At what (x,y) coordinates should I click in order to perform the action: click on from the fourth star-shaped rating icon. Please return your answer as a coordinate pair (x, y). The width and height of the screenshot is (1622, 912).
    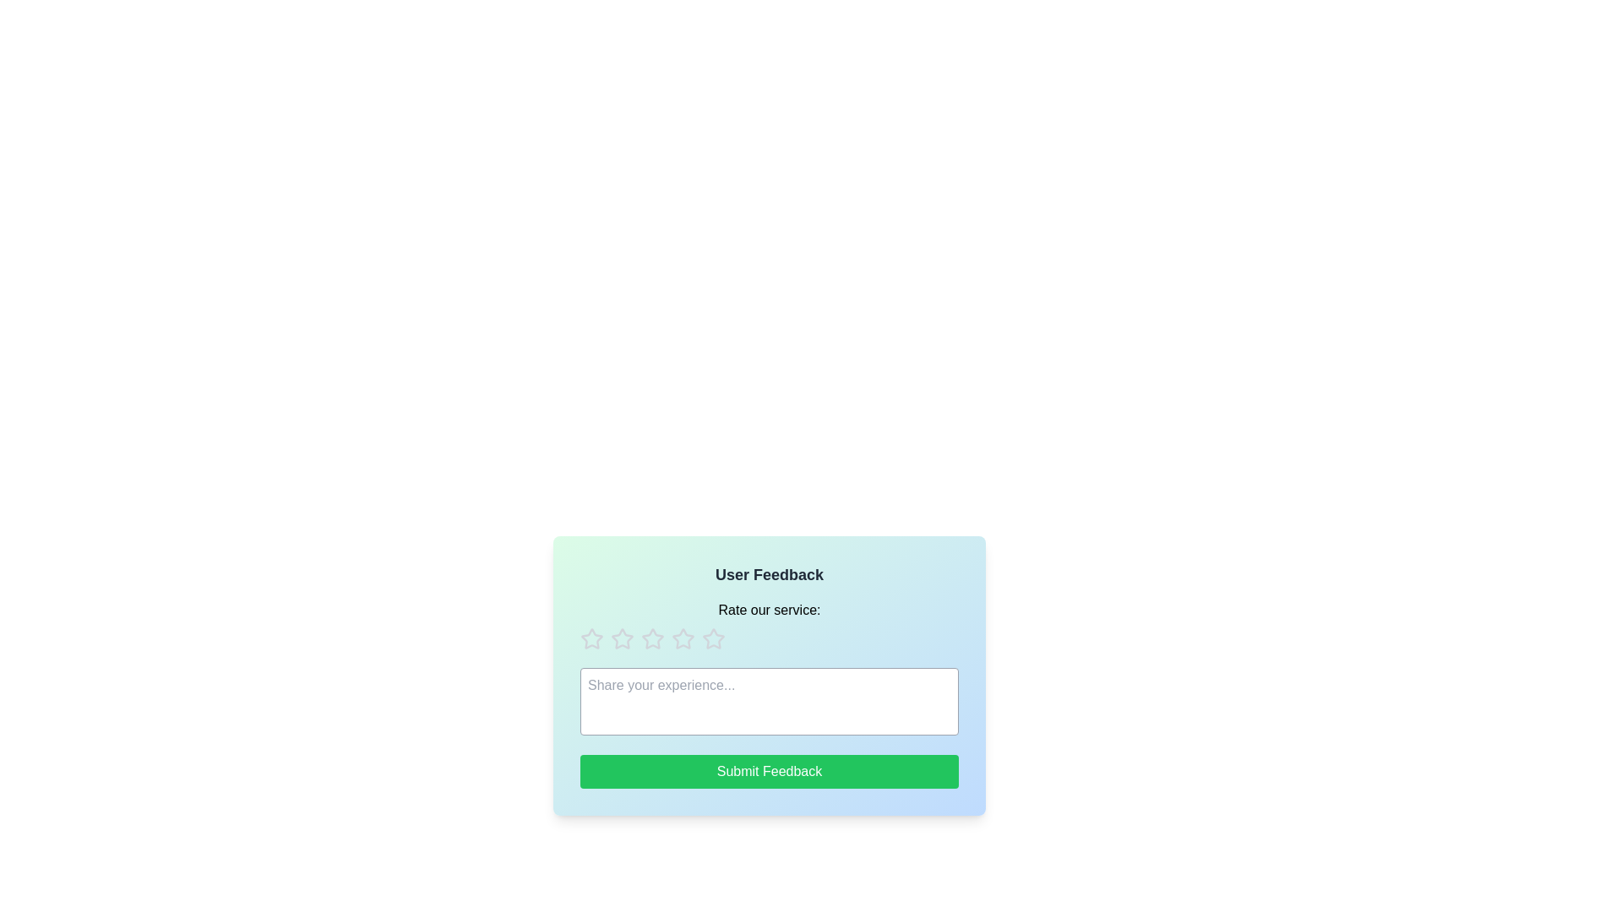
    Looking at the image, I should click on (713, 638).